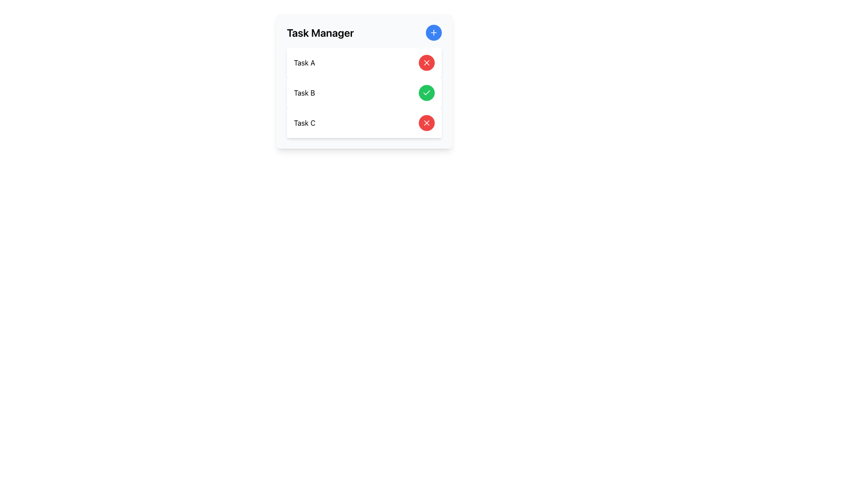 The height and width of the screenshot is (478, 850). What do you see at coordinates (427, 62) in the screenshot?
I see `the circular red button with an 'X' icon located to the right of the text 'Task A'` at bounding box center [427, 62].